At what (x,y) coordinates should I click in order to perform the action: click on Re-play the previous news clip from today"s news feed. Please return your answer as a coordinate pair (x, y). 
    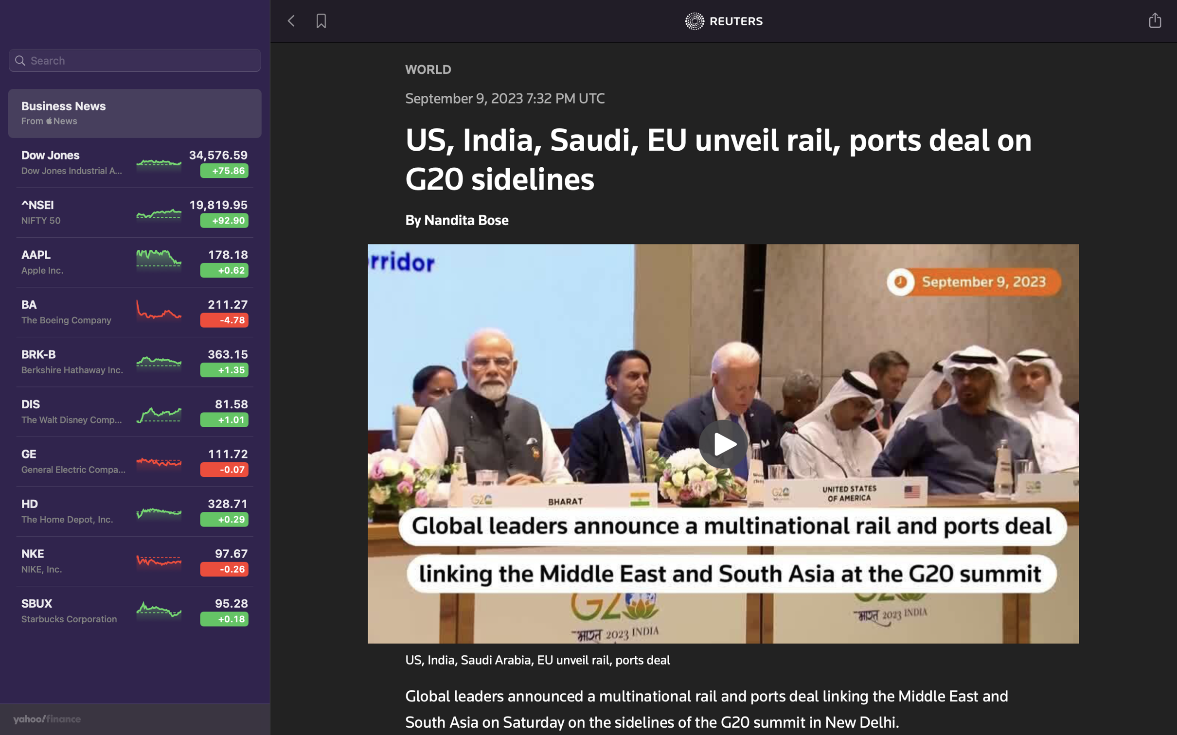
    Looking at the image, I should click on (724, 442).